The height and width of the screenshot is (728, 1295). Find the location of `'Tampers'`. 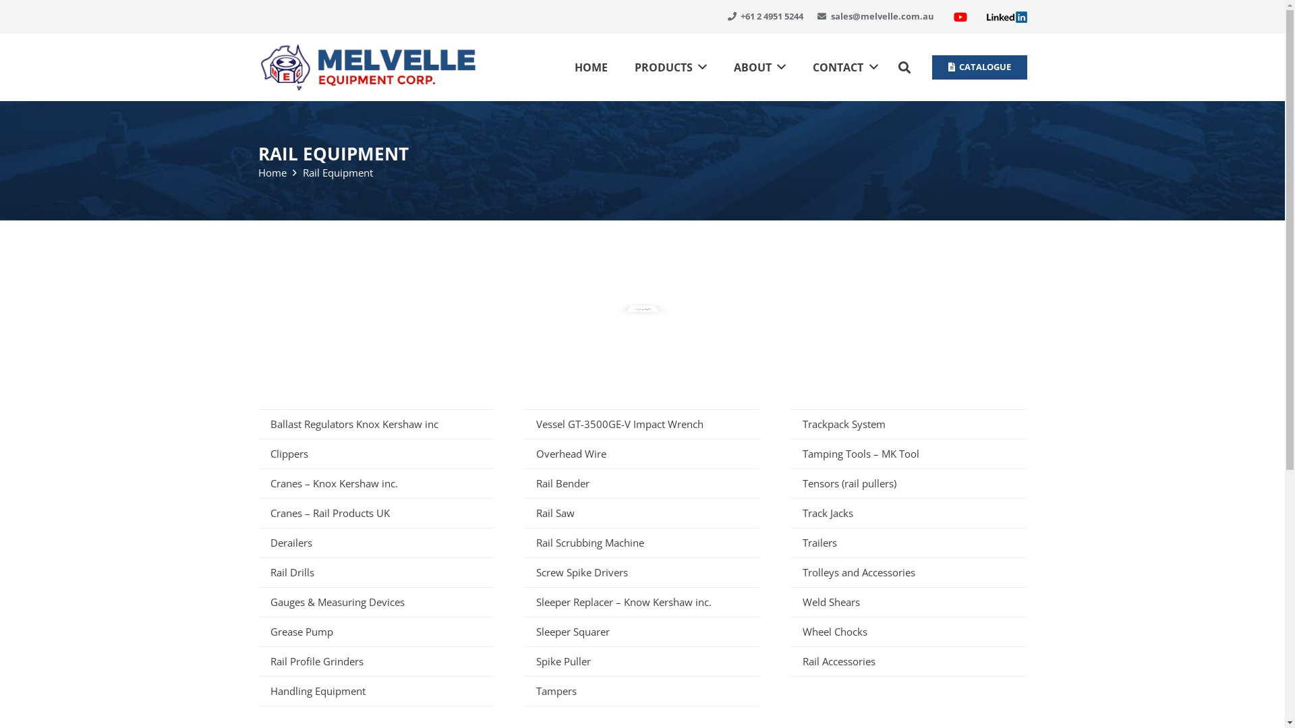

'Tampers' is located at coordinates (641, 691).